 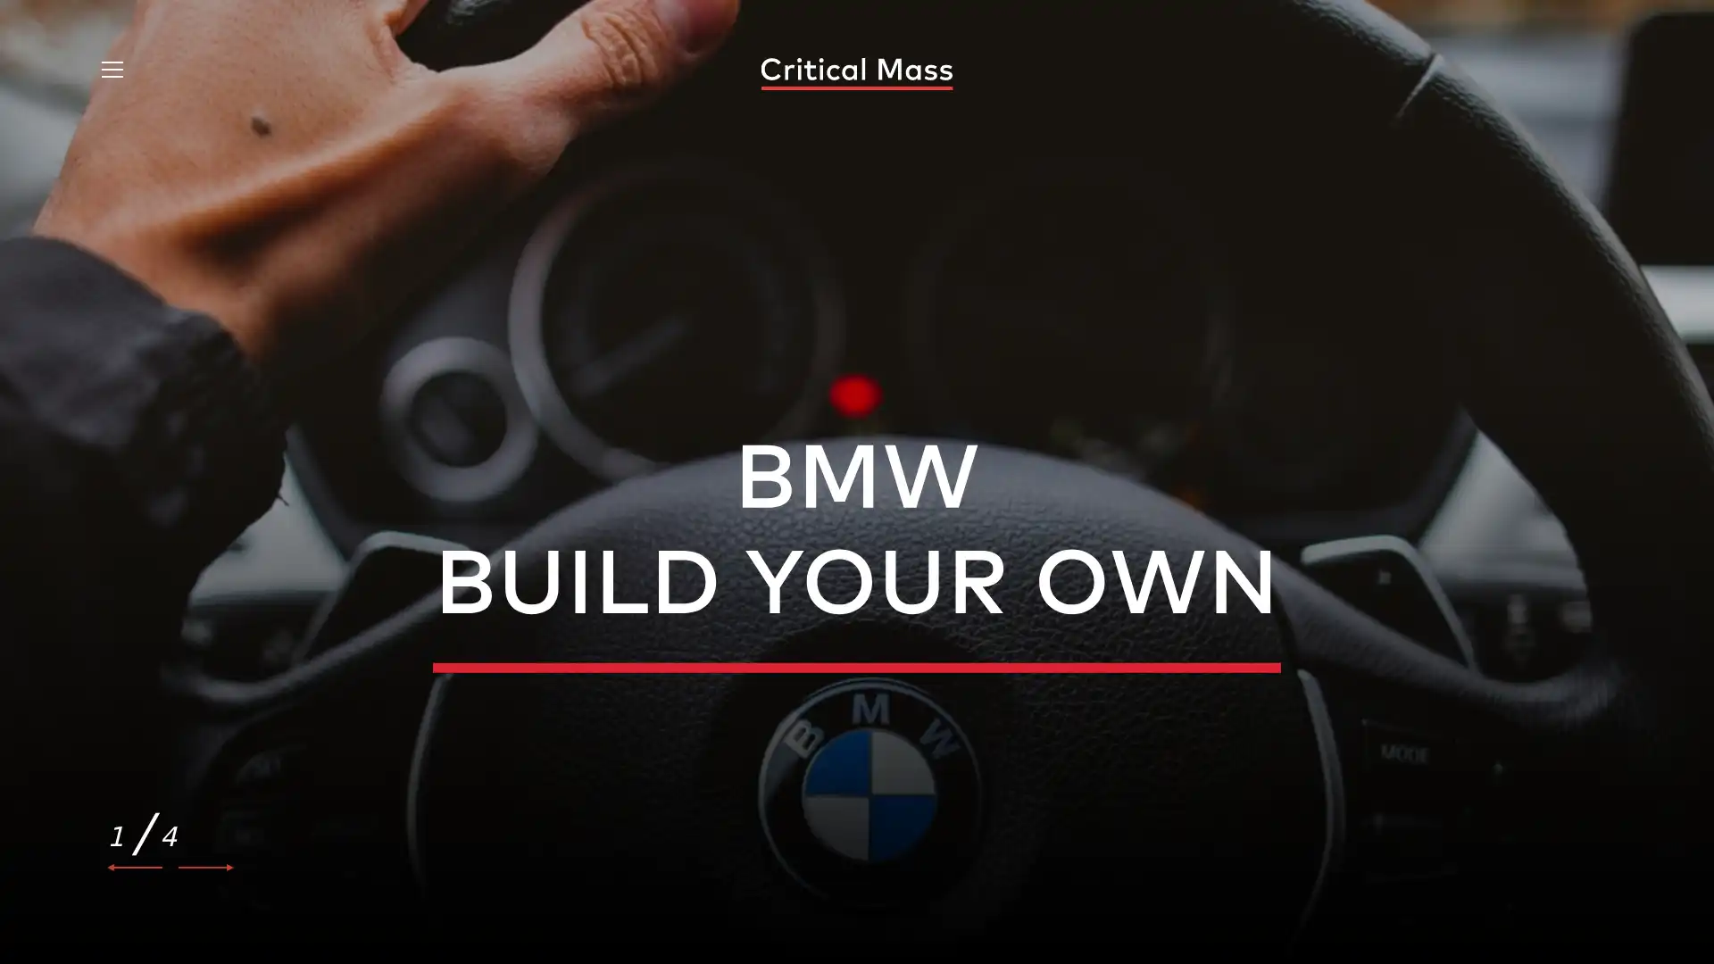 What do you see at coordinates (205, 867) in the screenshot?
I see `next` at bounding box center [205, 867].